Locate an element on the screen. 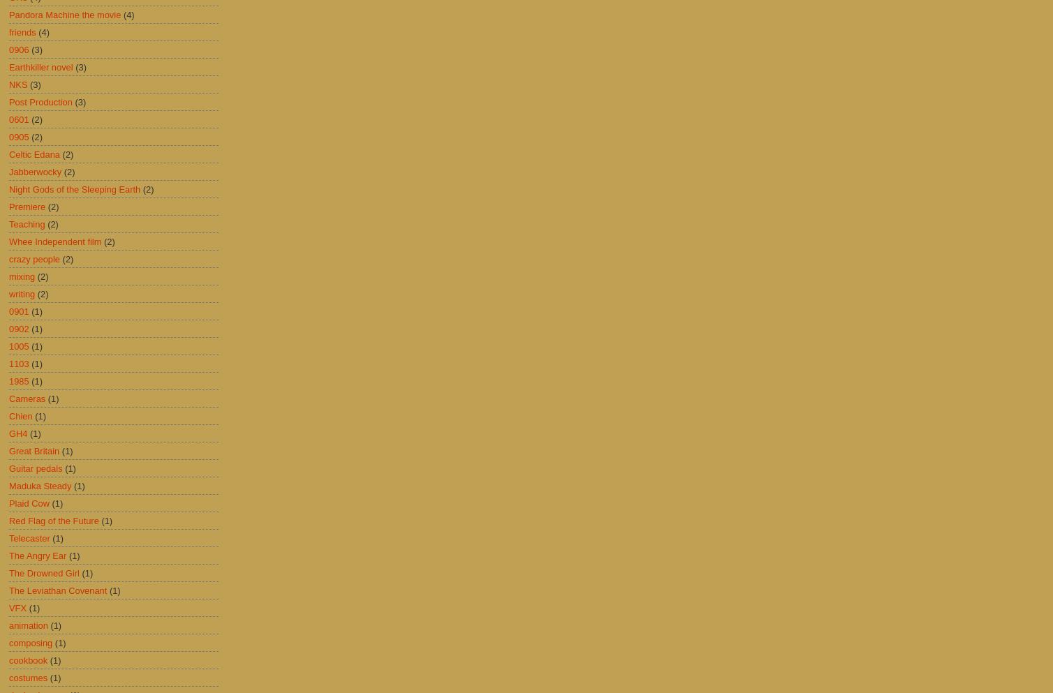  'Great Britain' is located at coordinates (8, 449).